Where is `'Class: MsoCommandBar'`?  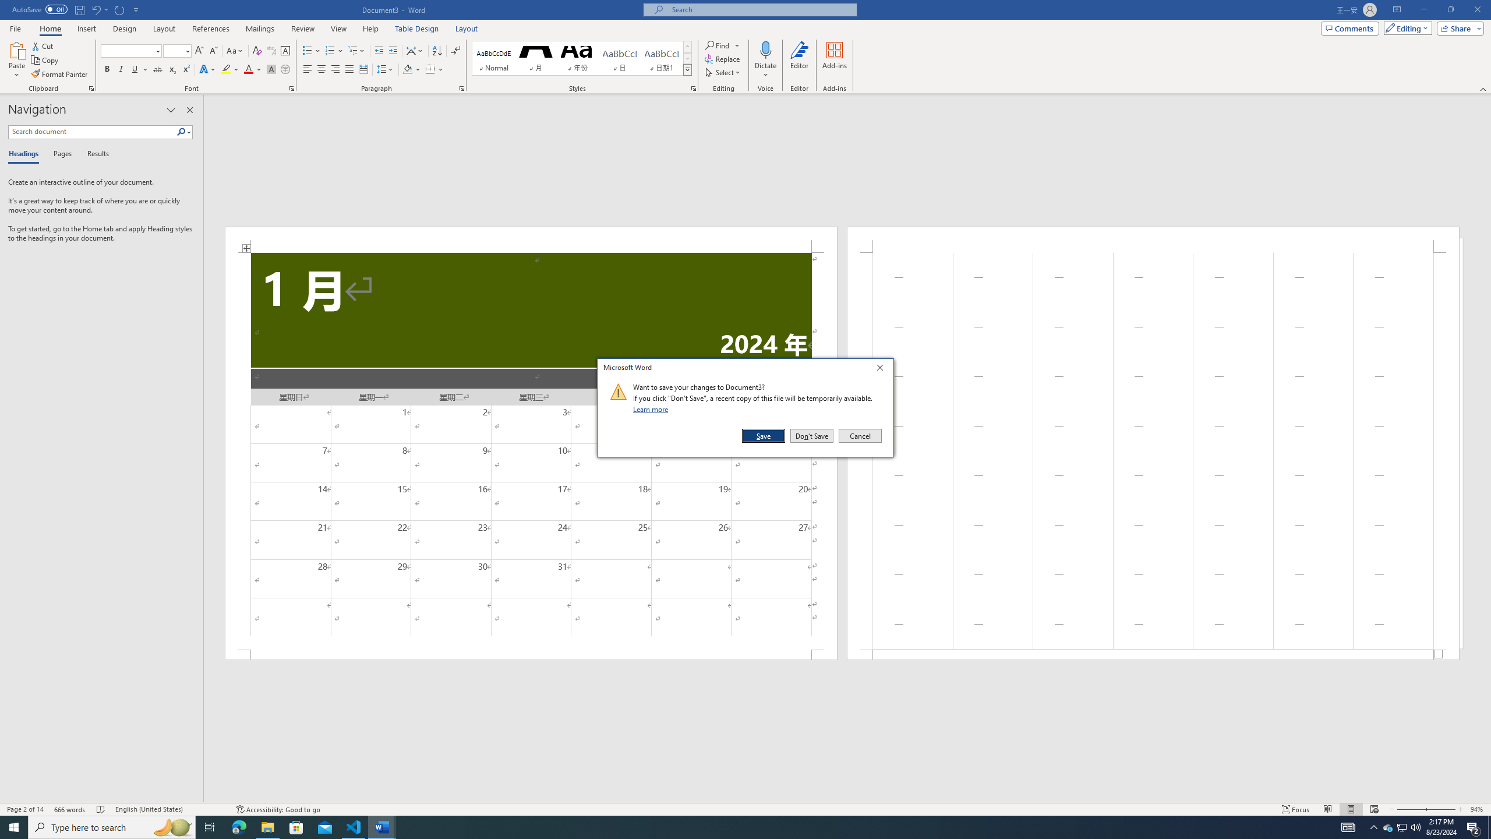 'Class: MsoCommandBar' is located at coordinates (745, 808).